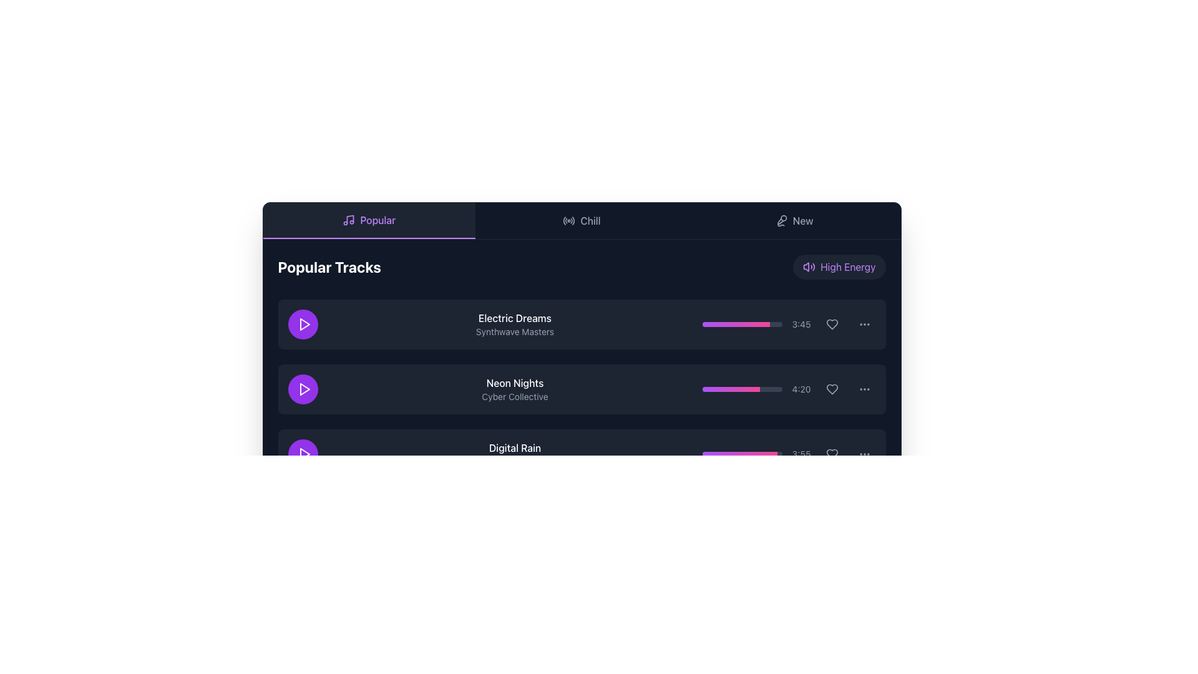 The image size is (1198, 674). I want to click on the text label 'Neon Nights', so click(515, 382).